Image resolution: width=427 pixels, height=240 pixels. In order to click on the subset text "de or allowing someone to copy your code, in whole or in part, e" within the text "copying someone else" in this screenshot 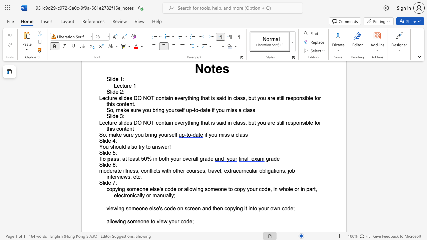, I will do `click(170, 189)`.